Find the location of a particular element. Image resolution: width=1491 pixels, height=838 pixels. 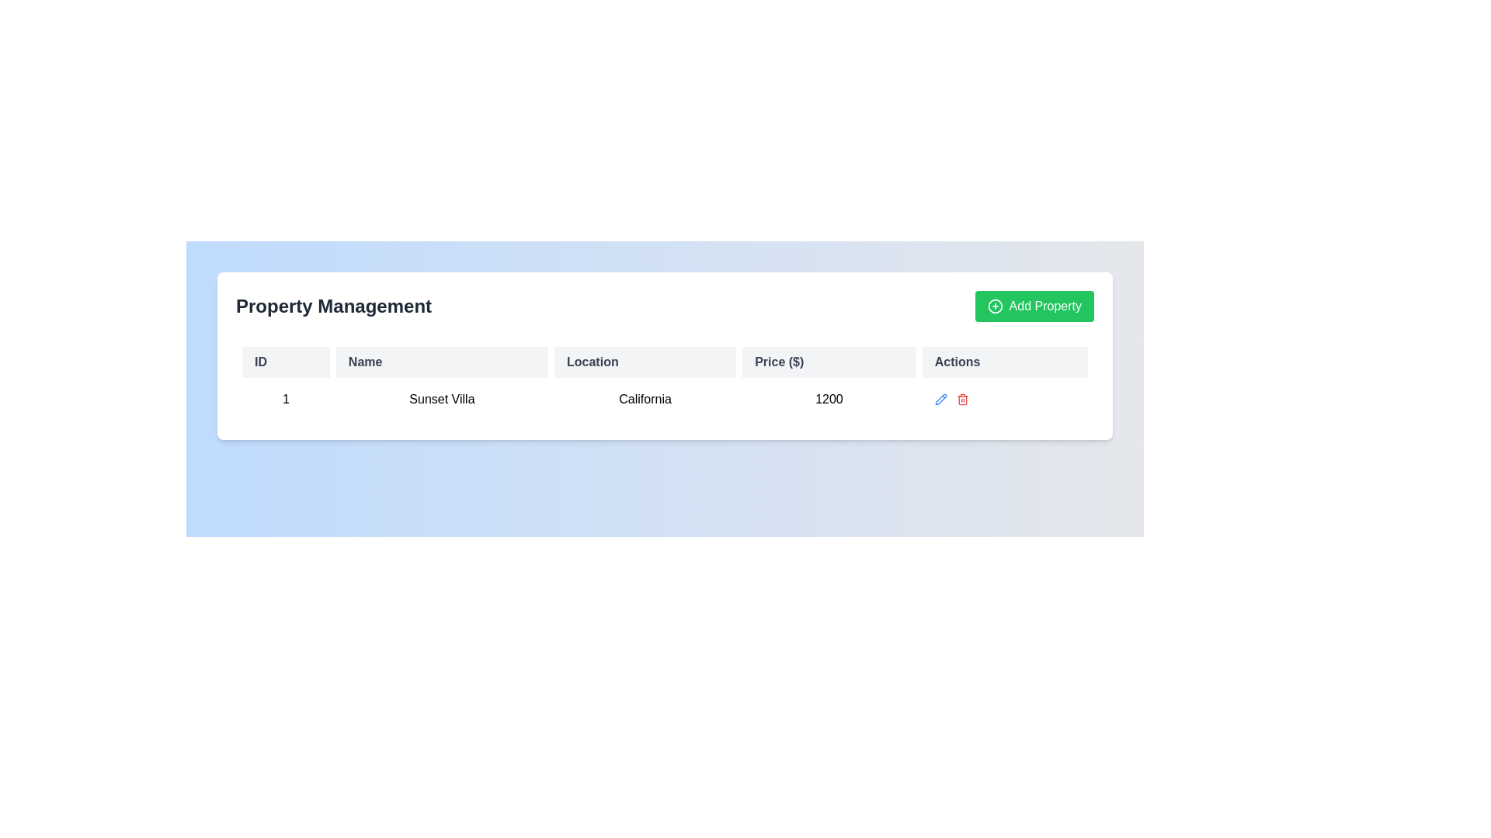

the deletion button represented by an SVG icon located in the top row under the 'Actions' column of the table, right-aligned and adjacent to a blue edit pencil icon is located at coordinates (961, 399).